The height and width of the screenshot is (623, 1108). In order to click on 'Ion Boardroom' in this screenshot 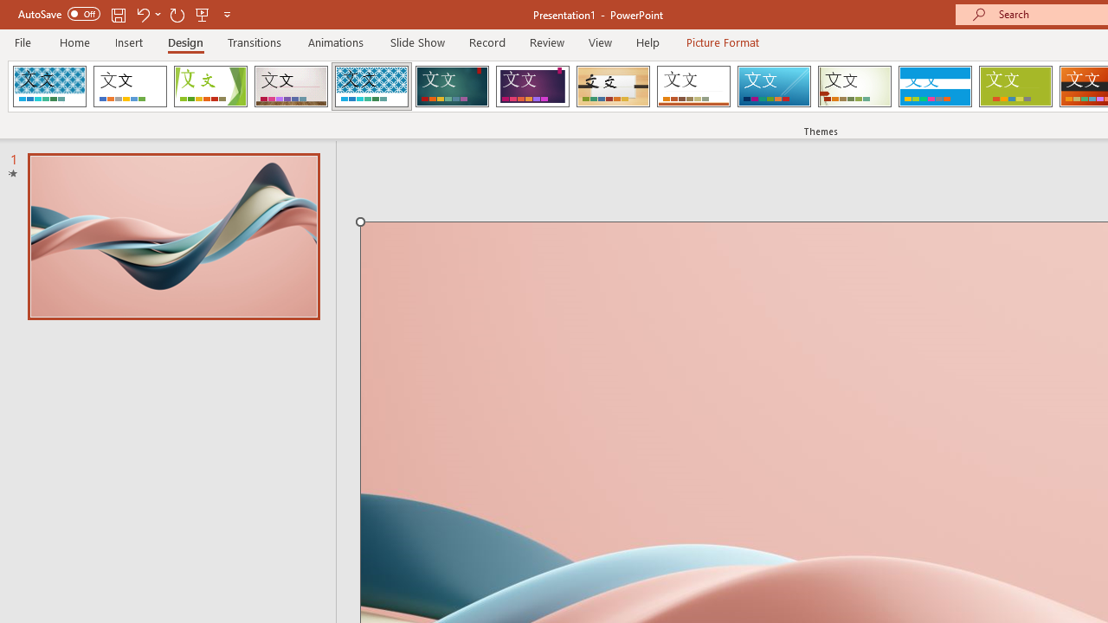, I will do `click(531, 87)`.